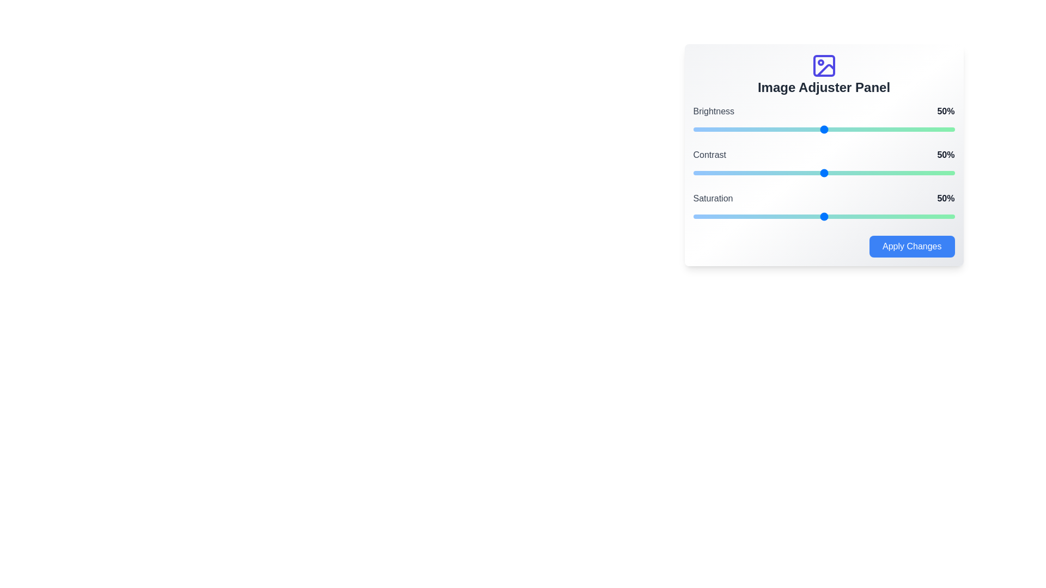 This screenshot has width=1046, height=588. I want to click on the contrast slider to 53%, so click(831, 172).